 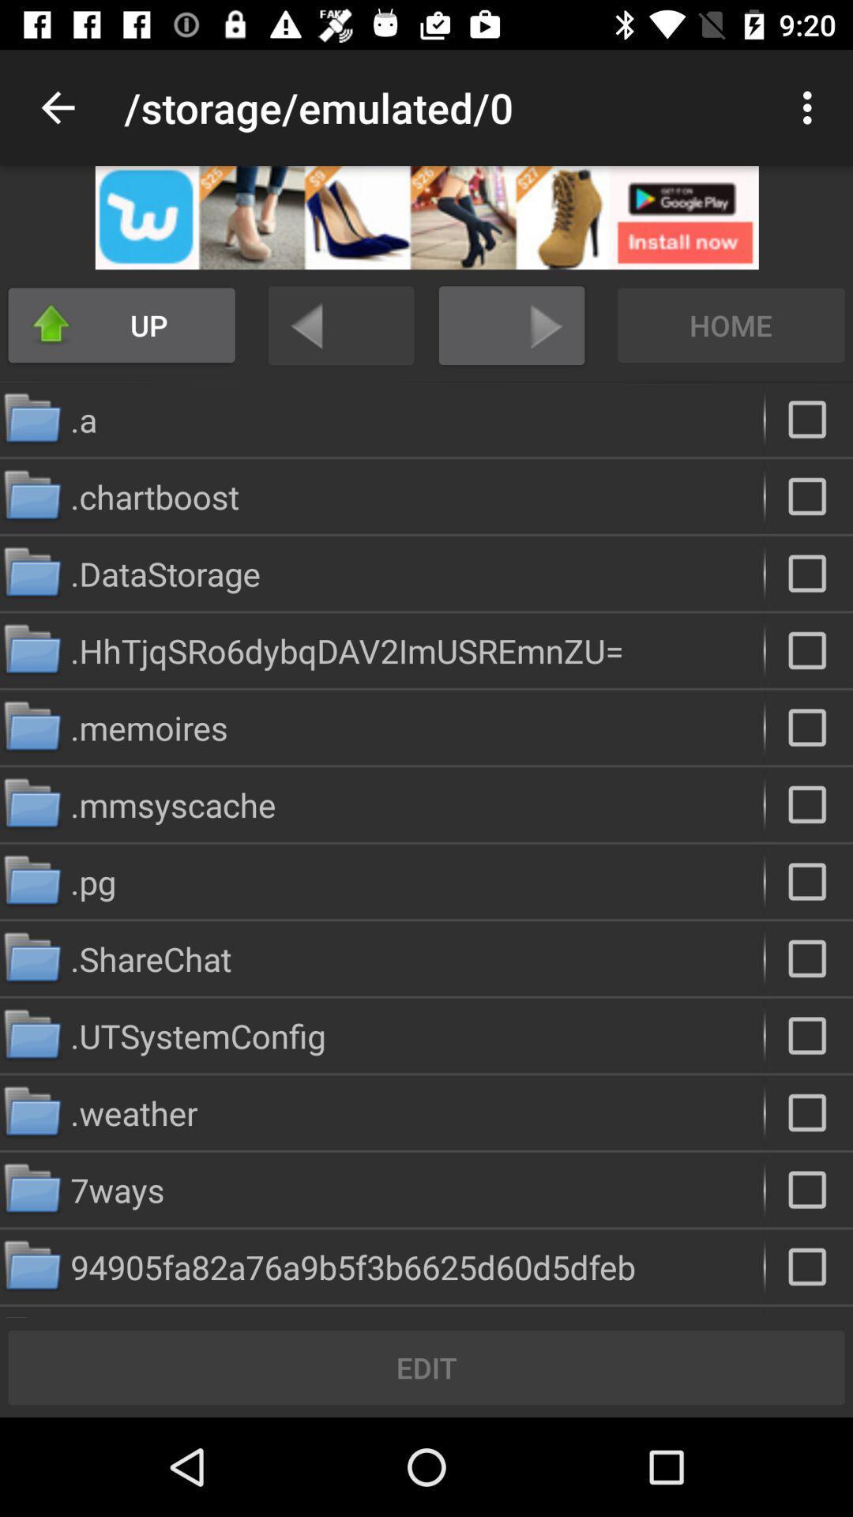 I want to click on folder select checkbox, so click(x=809, y=572).